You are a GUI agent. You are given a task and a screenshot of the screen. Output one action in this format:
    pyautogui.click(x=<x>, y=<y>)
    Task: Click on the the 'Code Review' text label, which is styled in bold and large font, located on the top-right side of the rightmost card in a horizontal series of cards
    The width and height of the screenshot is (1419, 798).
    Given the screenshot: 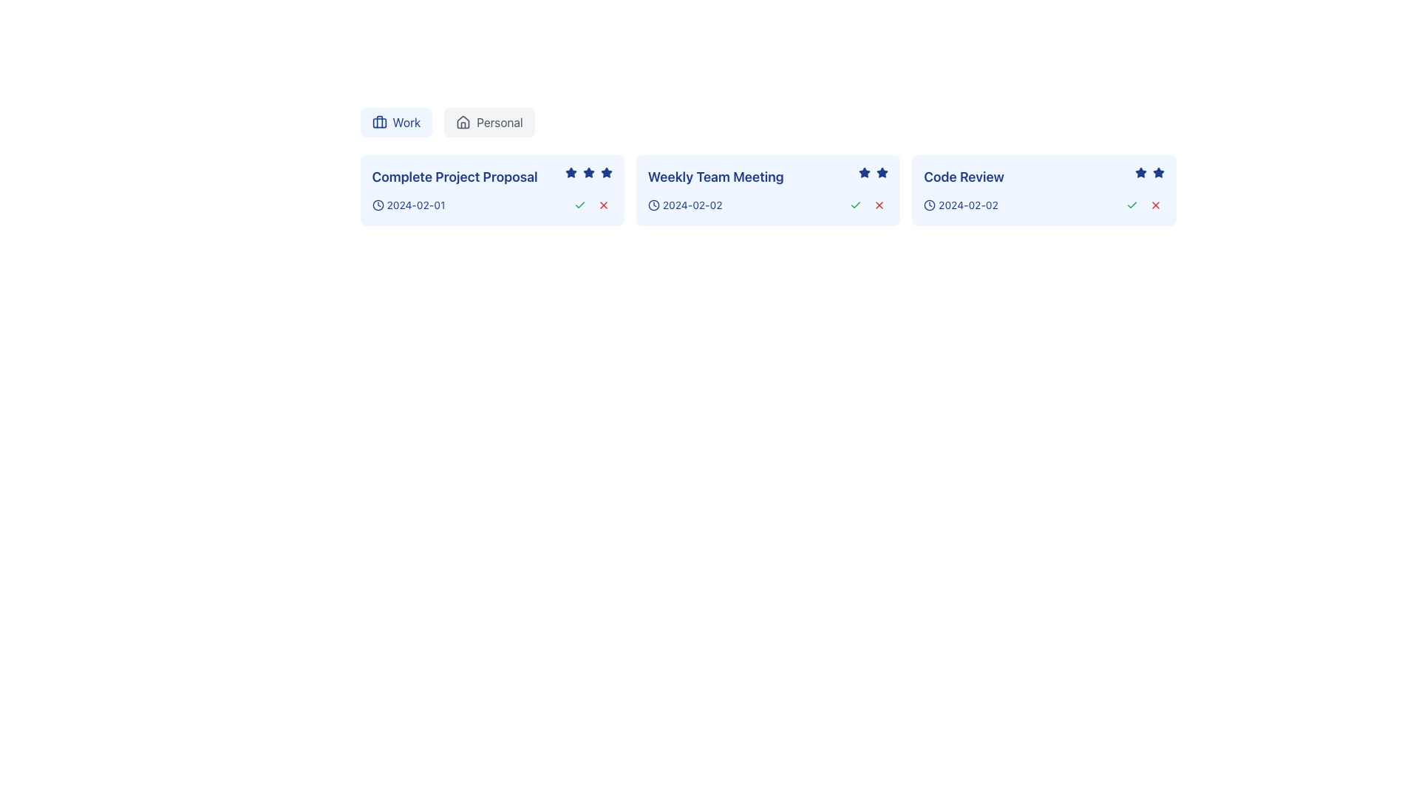 What is the action you would take?
    pyautogui.click(x=964, y=176)
    